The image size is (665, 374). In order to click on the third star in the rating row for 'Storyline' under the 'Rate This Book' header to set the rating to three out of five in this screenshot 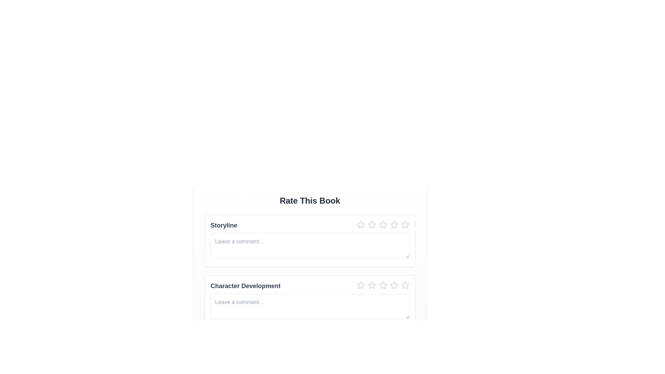, I will do `click(382, 225)`.